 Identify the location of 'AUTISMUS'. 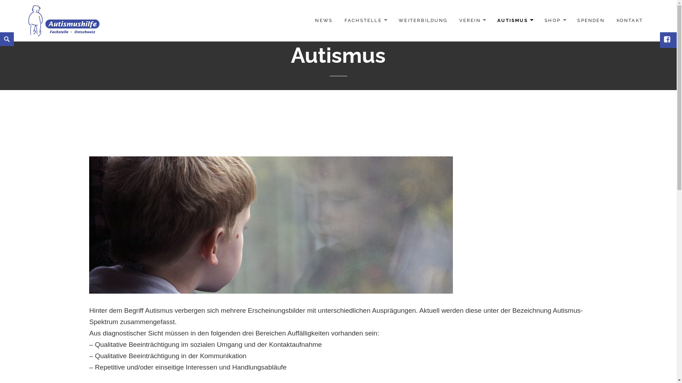
(515, 20).